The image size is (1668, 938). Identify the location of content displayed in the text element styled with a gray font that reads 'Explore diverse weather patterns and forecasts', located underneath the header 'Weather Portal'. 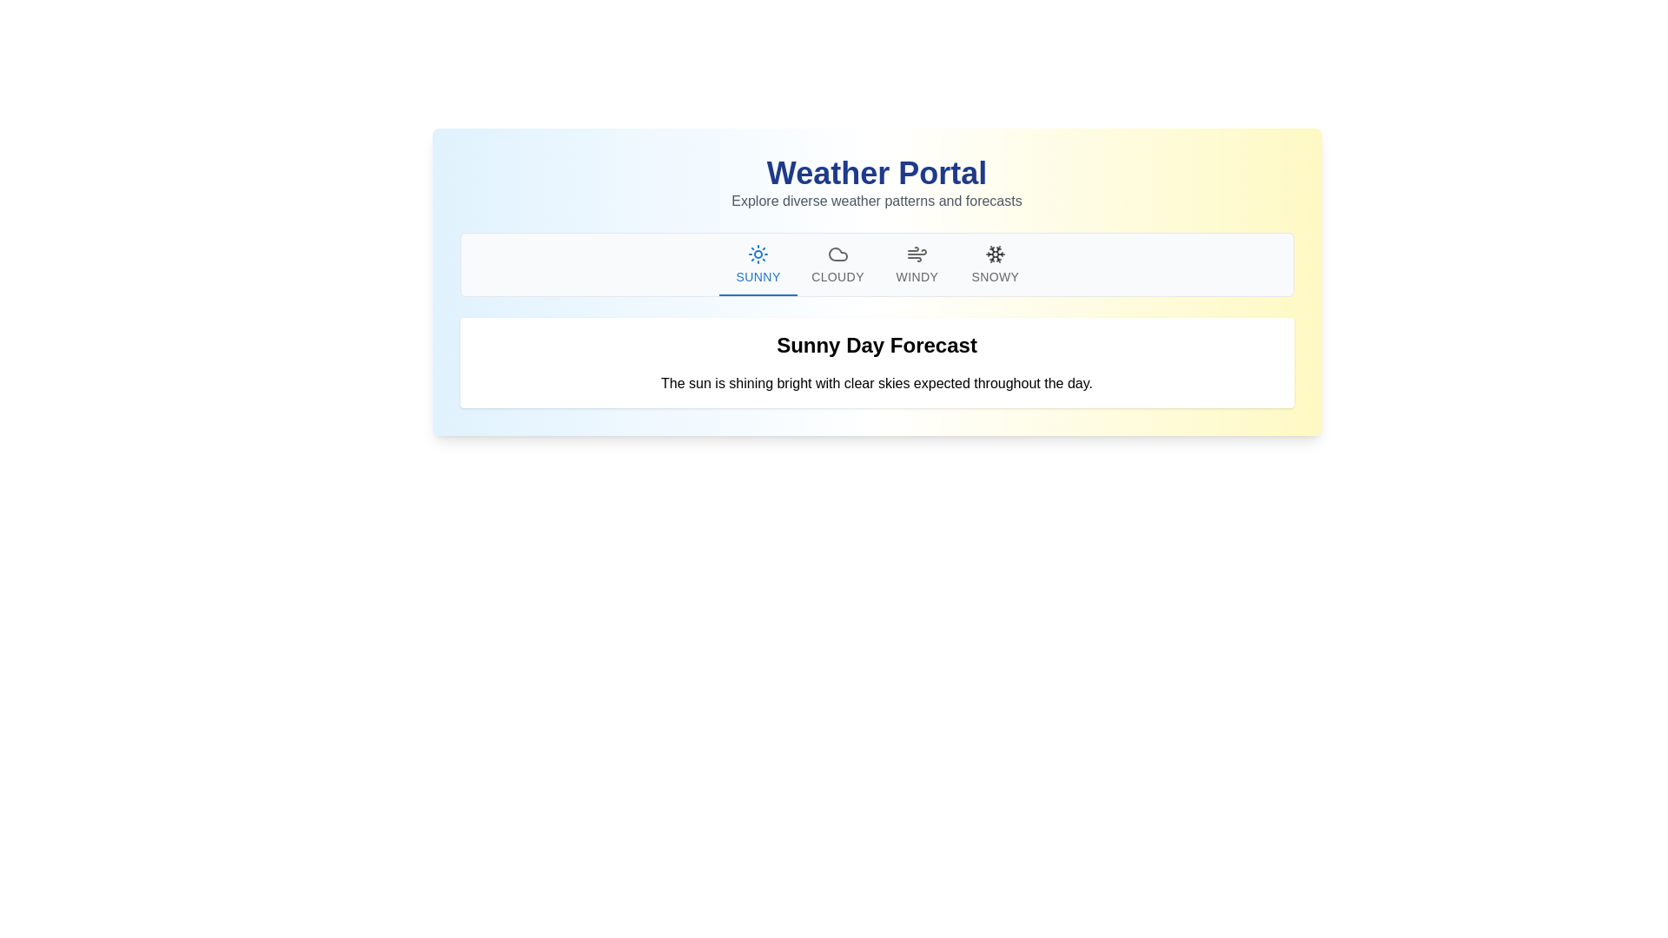
(877, 200).